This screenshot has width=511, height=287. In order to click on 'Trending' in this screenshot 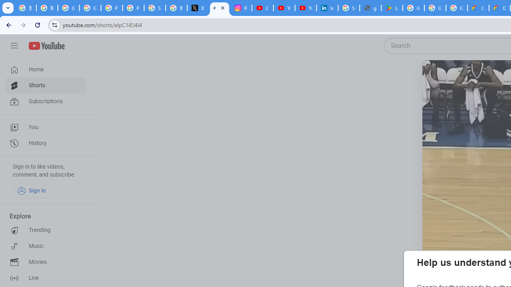, I will do `click(45, 230)`.